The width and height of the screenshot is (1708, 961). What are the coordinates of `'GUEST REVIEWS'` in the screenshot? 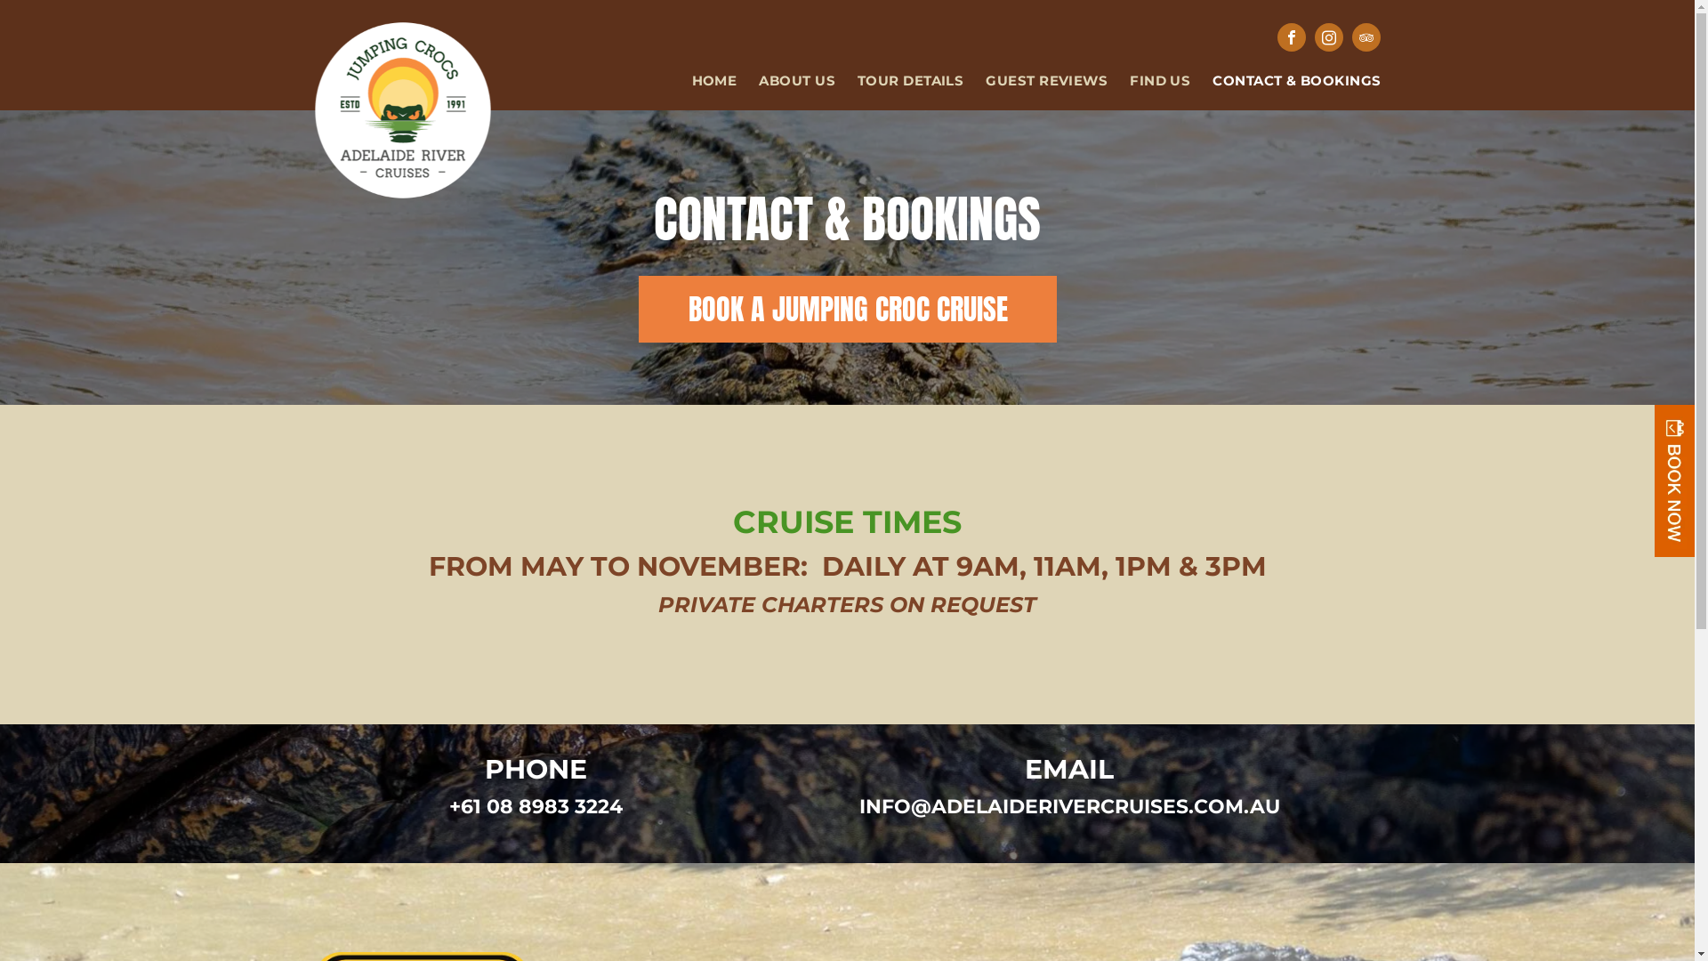 It's located at (1035, 81).